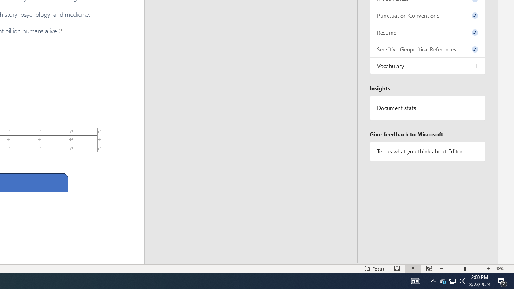  Describe the element at coordinates (465, 269) in the screenshot. I see `'Zoom'` at that location.